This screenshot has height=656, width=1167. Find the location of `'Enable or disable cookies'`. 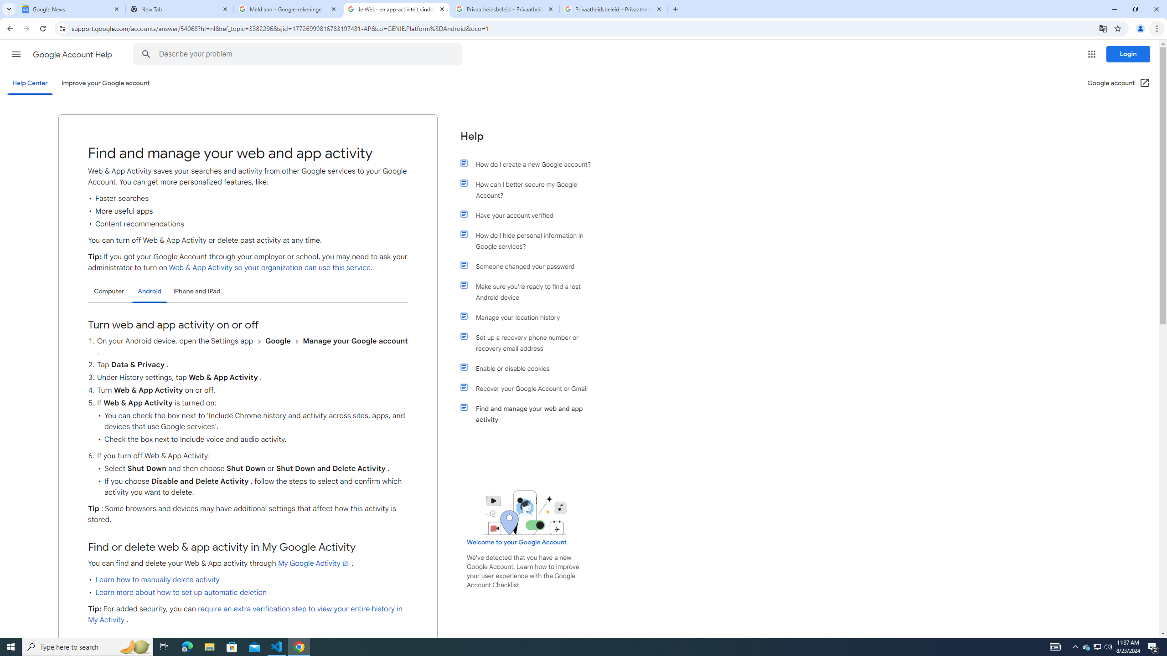

'Enable or disable cookies' is located at coordinates (530, 368).